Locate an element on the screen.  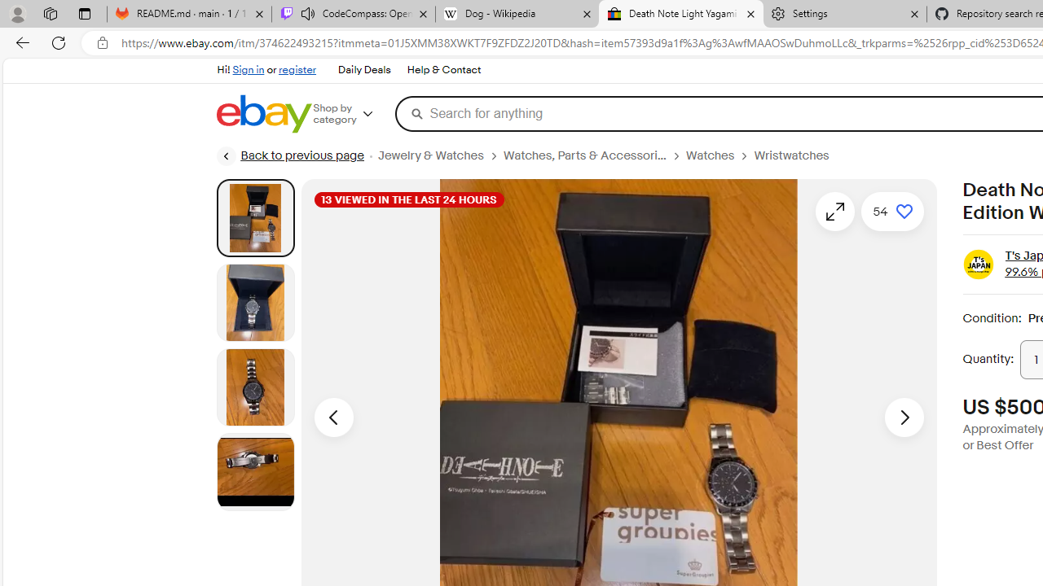
'register' is located at coordinates (297, 69).